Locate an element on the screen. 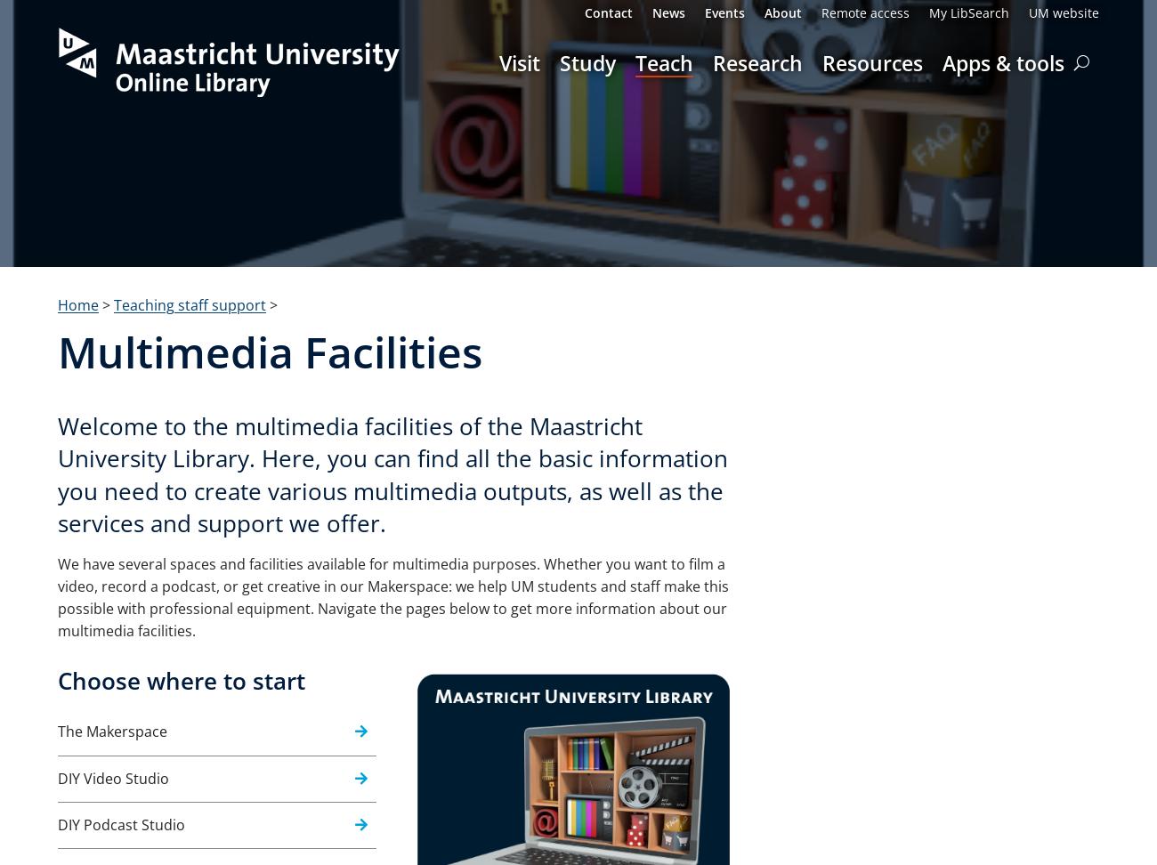  'DIY Video Studio' is located at coordinates (58, 778).